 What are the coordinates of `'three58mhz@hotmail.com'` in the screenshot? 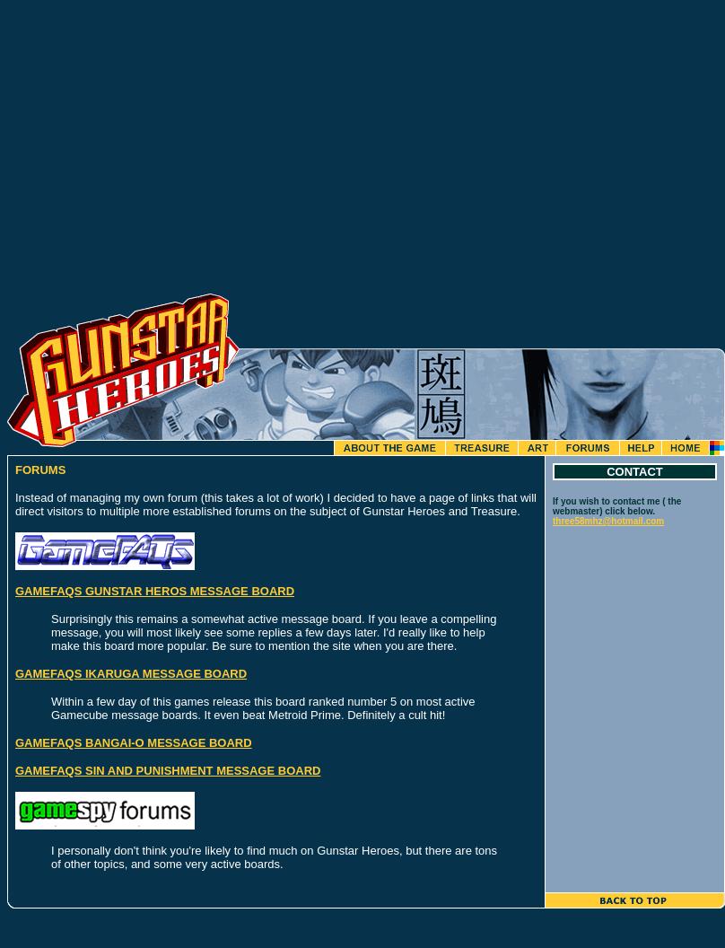 It's located at (553, 521).